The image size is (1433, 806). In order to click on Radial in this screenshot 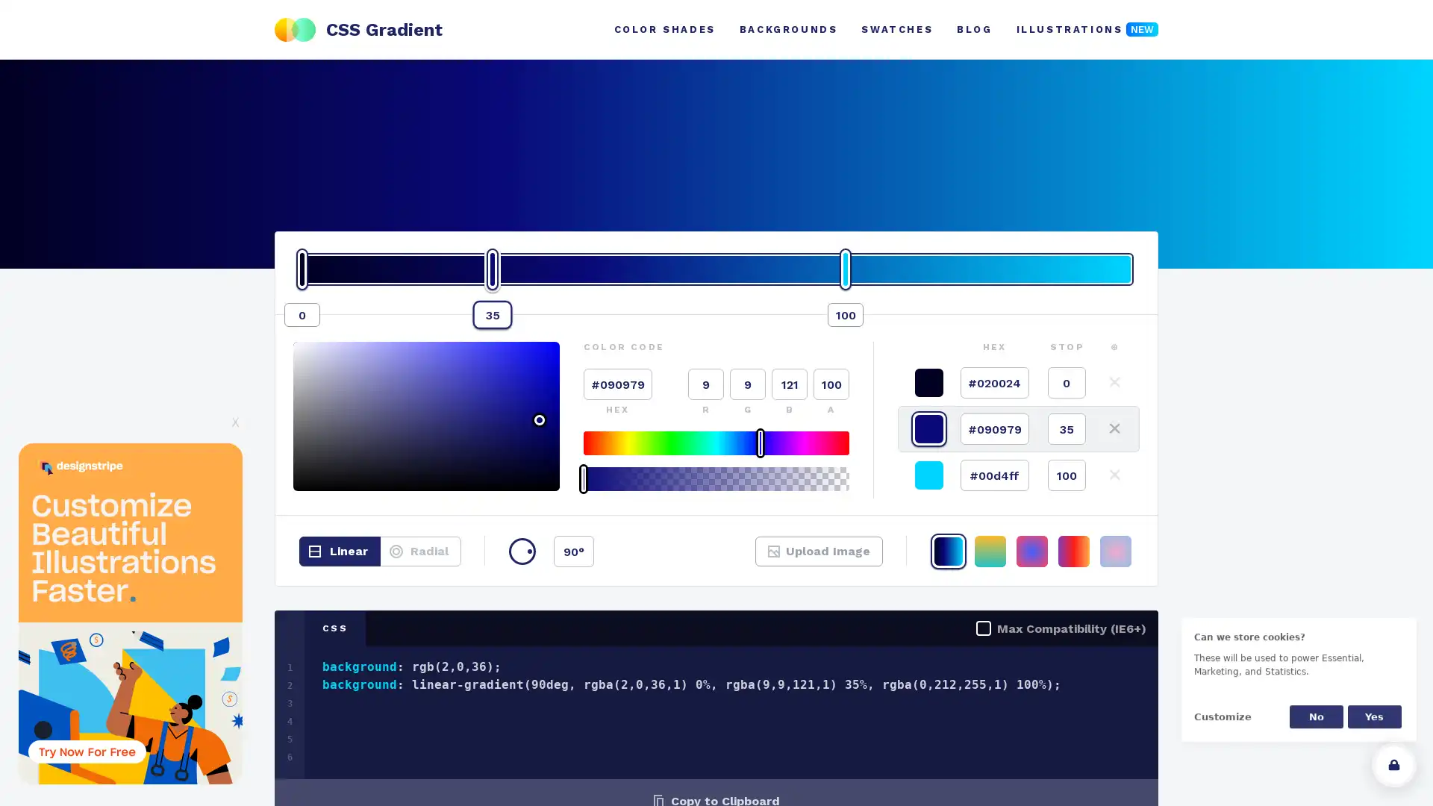, I will do `click(419, 552)`.